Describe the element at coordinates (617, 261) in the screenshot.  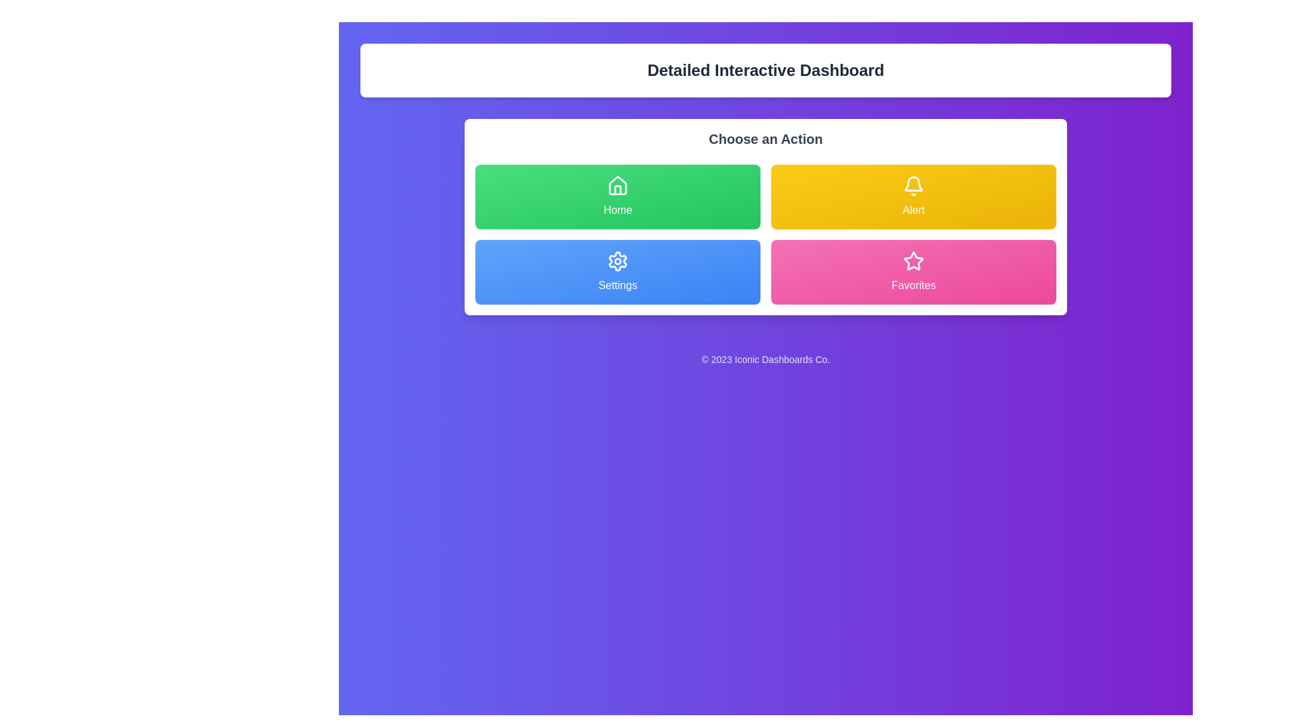
I see `the gear-shaped settings icon rendered in light blue color` at that location.